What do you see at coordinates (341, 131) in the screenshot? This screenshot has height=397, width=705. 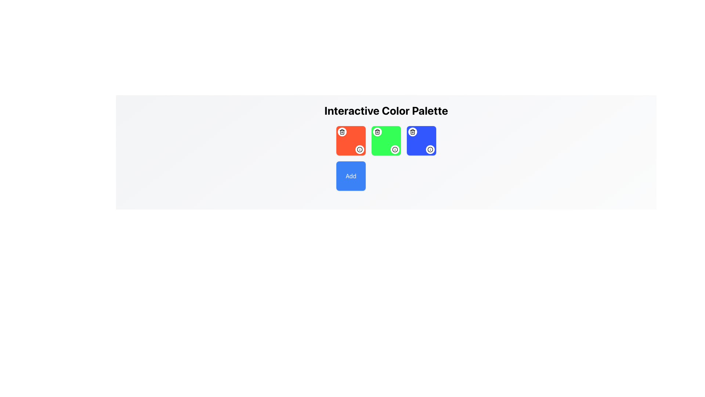 I see `the delete button located in the top-left corner of the red square in the 'Interactive Color Palette'` at bounding box center [341, 131].